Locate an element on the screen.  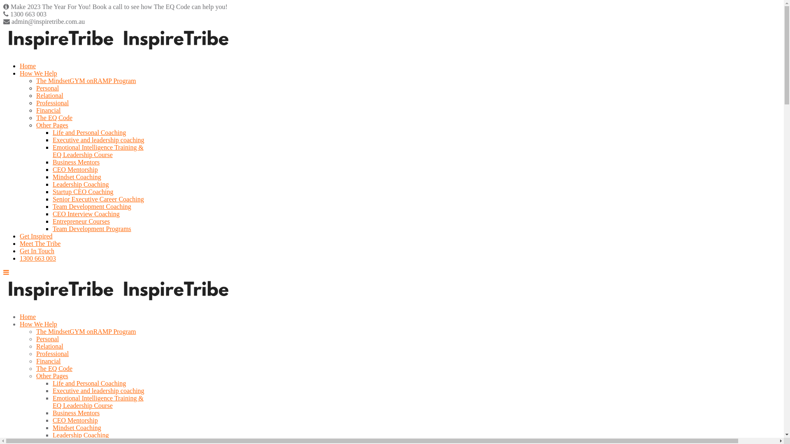
'Leadership Coaching' is located at coordinates (81, 184).